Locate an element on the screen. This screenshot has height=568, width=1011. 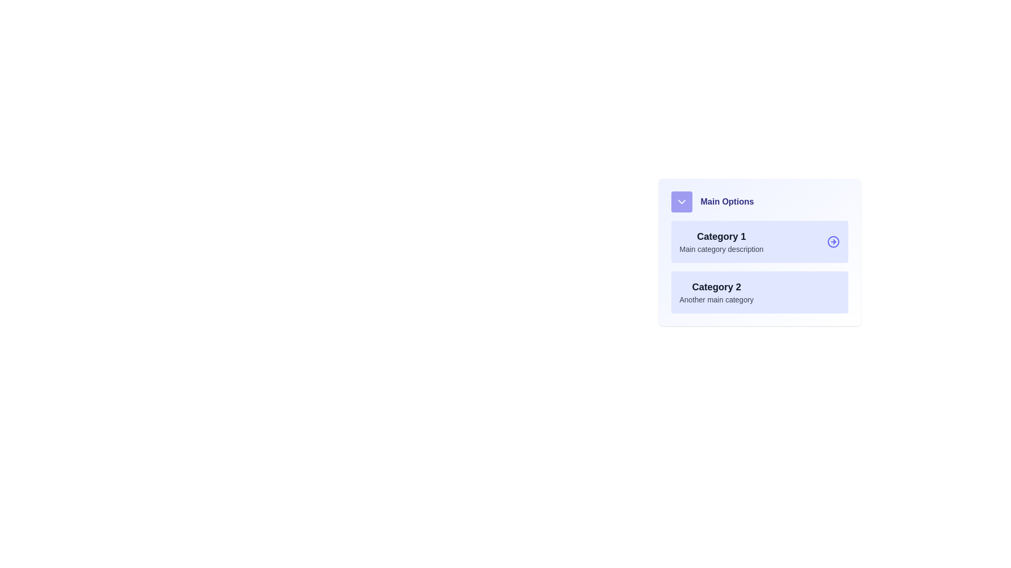
the text label that displays 'Category 1' with a description 'Main category description', located beneath the header 'Main Options' is located at coordinates (721, 241).